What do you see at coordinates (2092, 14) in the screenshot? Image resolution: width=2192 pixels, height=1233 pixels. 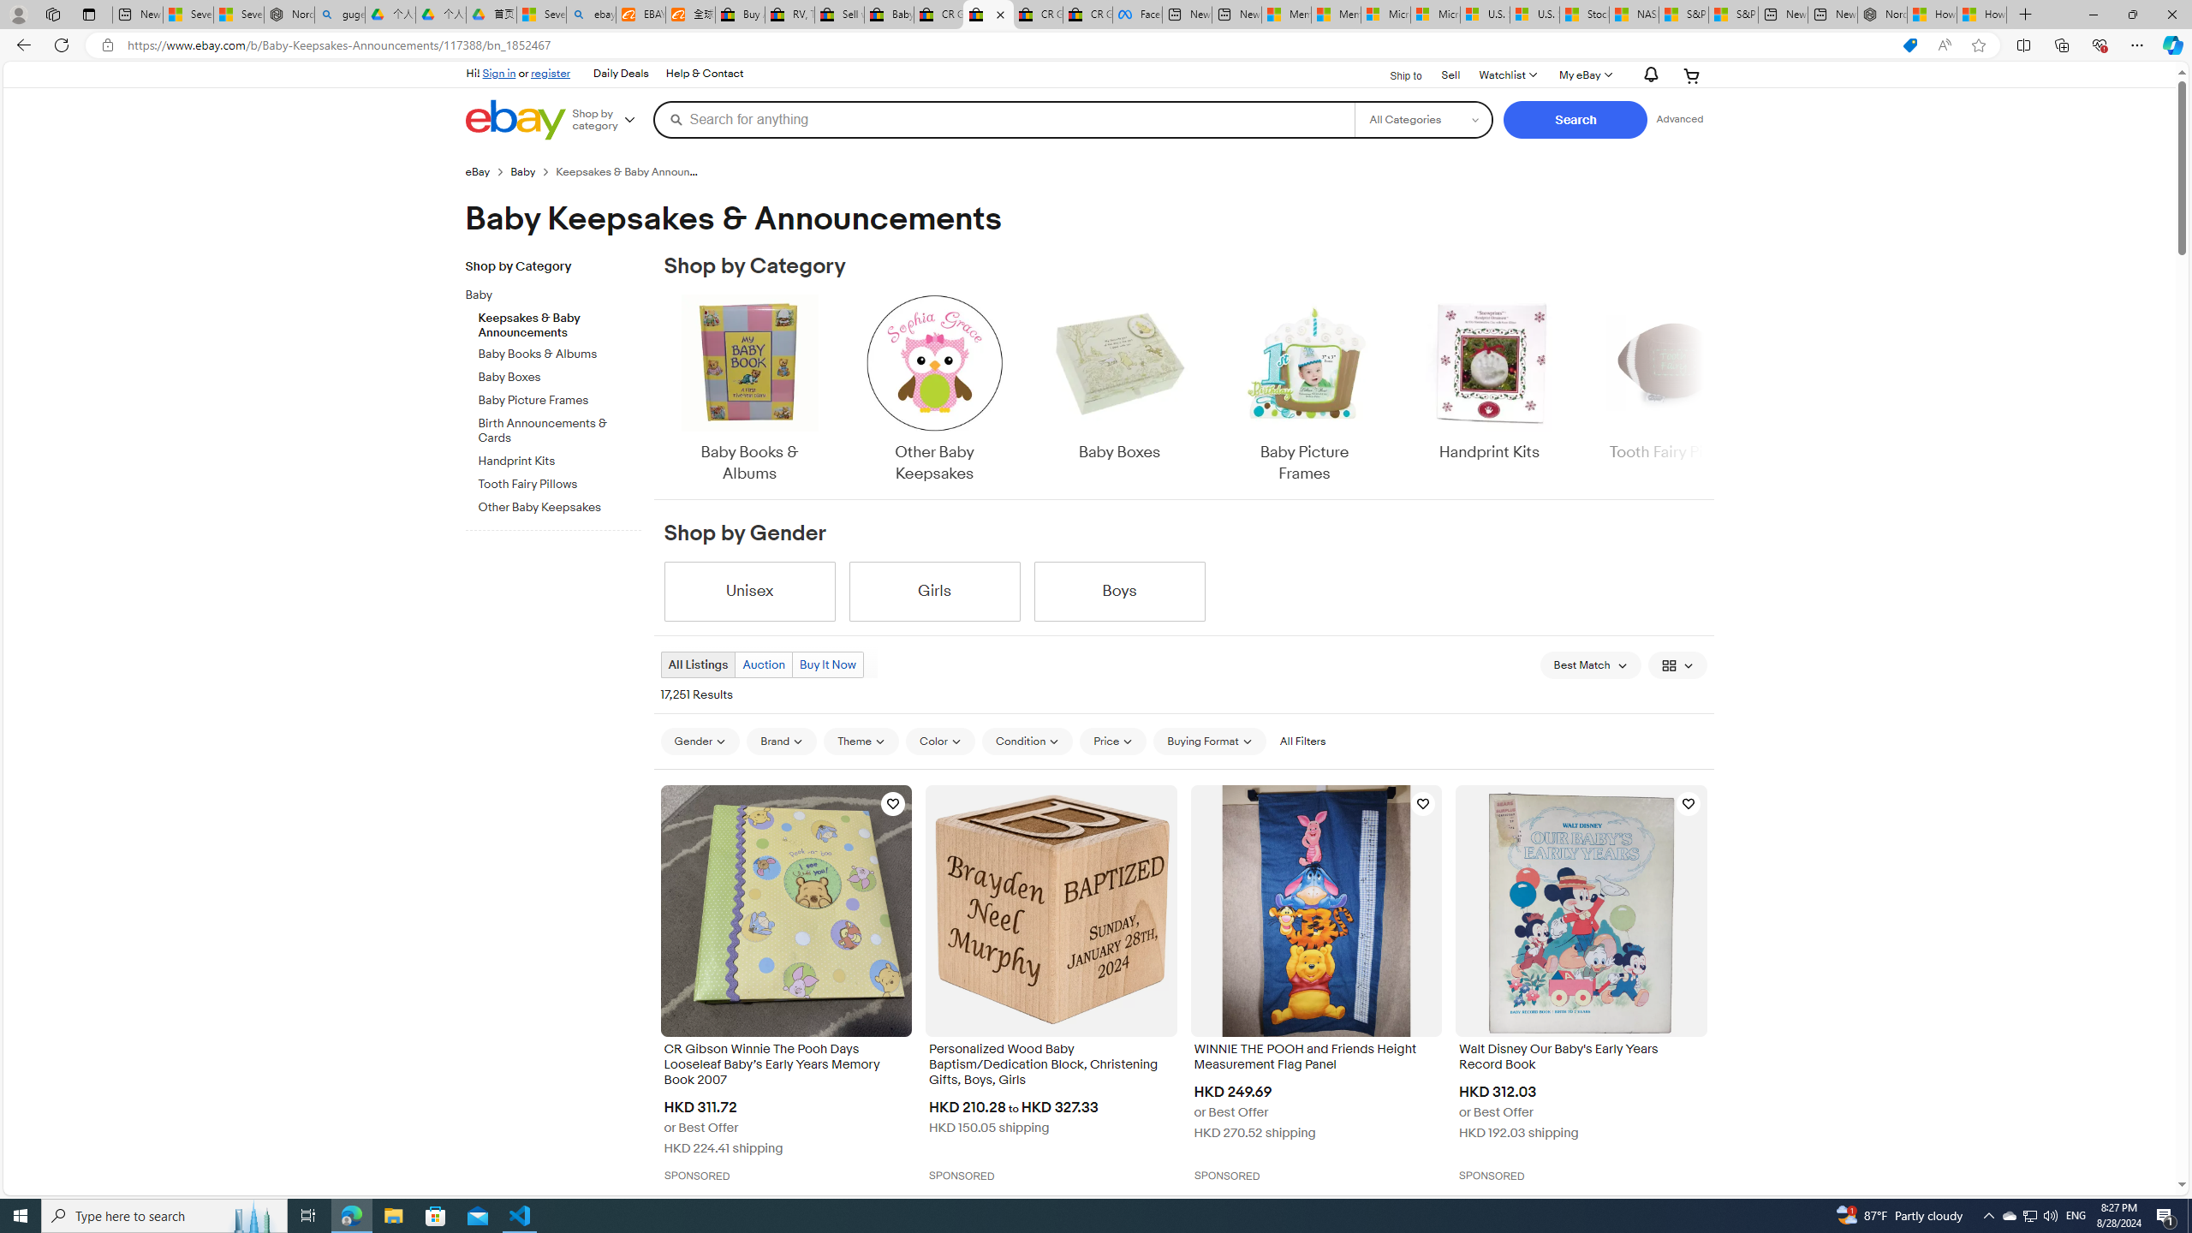 I see `'Minimize'` at bounding box center [2092, 14].